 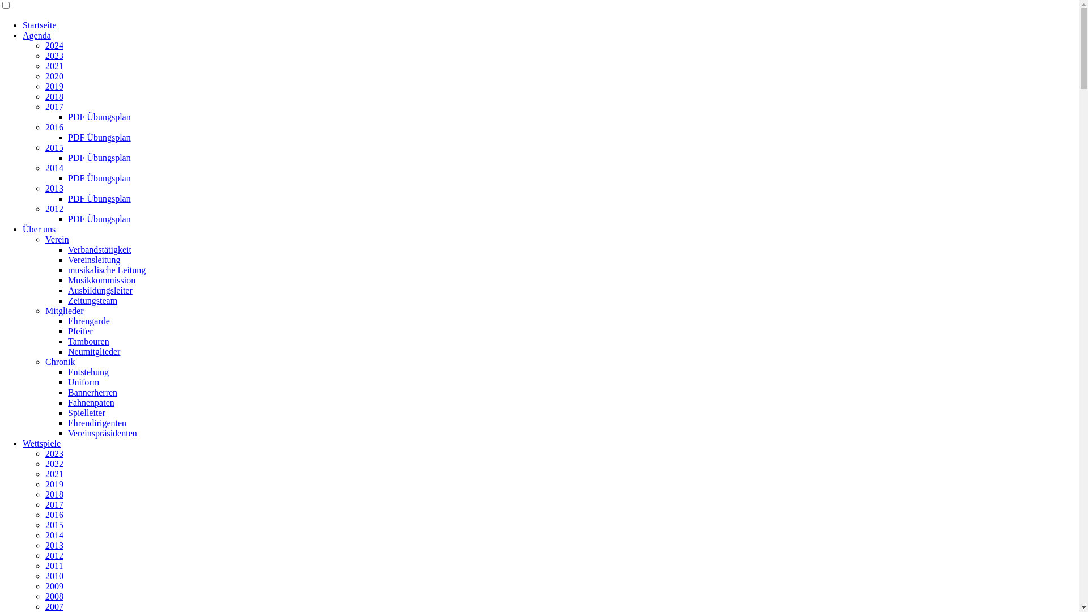 What do you see at coordinates (54, 453) in the screenshot?
I see `'2023'` at bounding box center [54, 453].